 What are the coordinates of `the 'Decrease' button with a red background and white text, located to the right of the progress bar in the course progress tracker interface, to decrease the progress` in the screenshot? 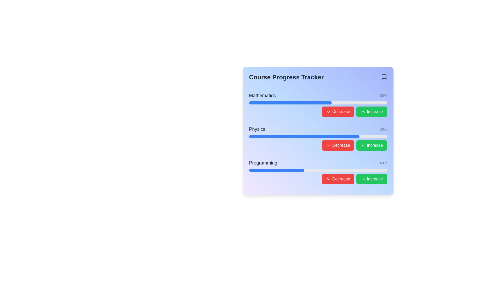 It's located at (338, 179).